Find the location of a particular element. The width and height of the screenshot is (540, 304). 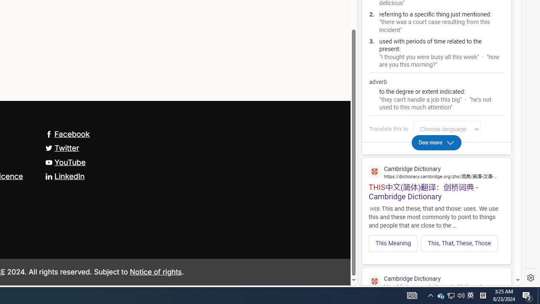

'This, That, These, Those' is located at coordinates (459, 243).